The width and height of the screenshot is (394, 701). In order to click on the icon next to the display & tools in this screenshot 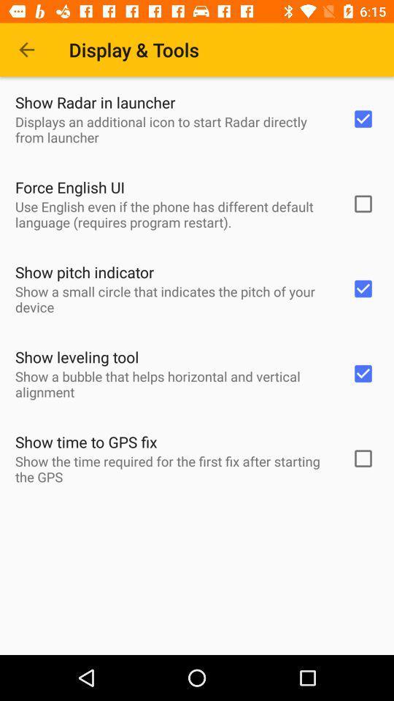, I will do `click(26, 50)`.